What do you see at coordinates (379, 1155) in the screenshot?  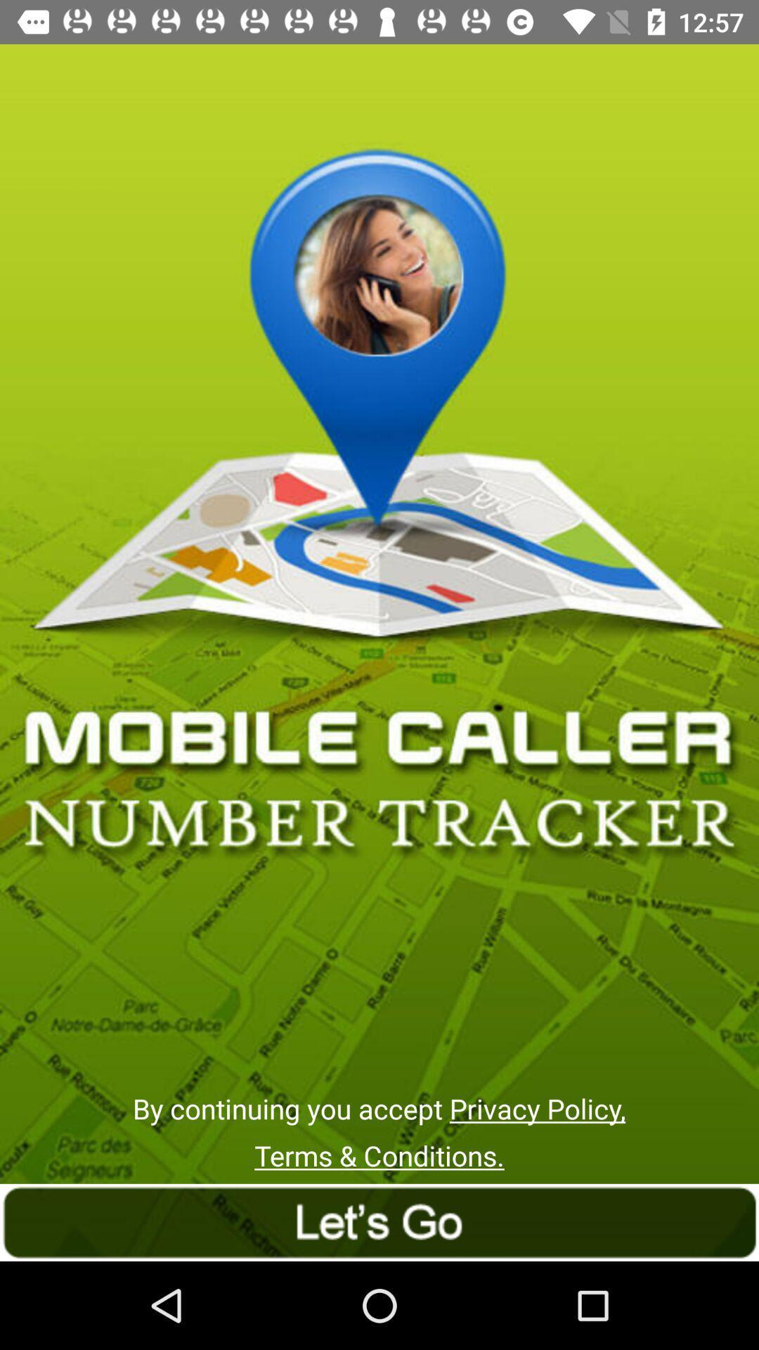 I see `item below by continuing you item` at bounding box center [379, 1155].